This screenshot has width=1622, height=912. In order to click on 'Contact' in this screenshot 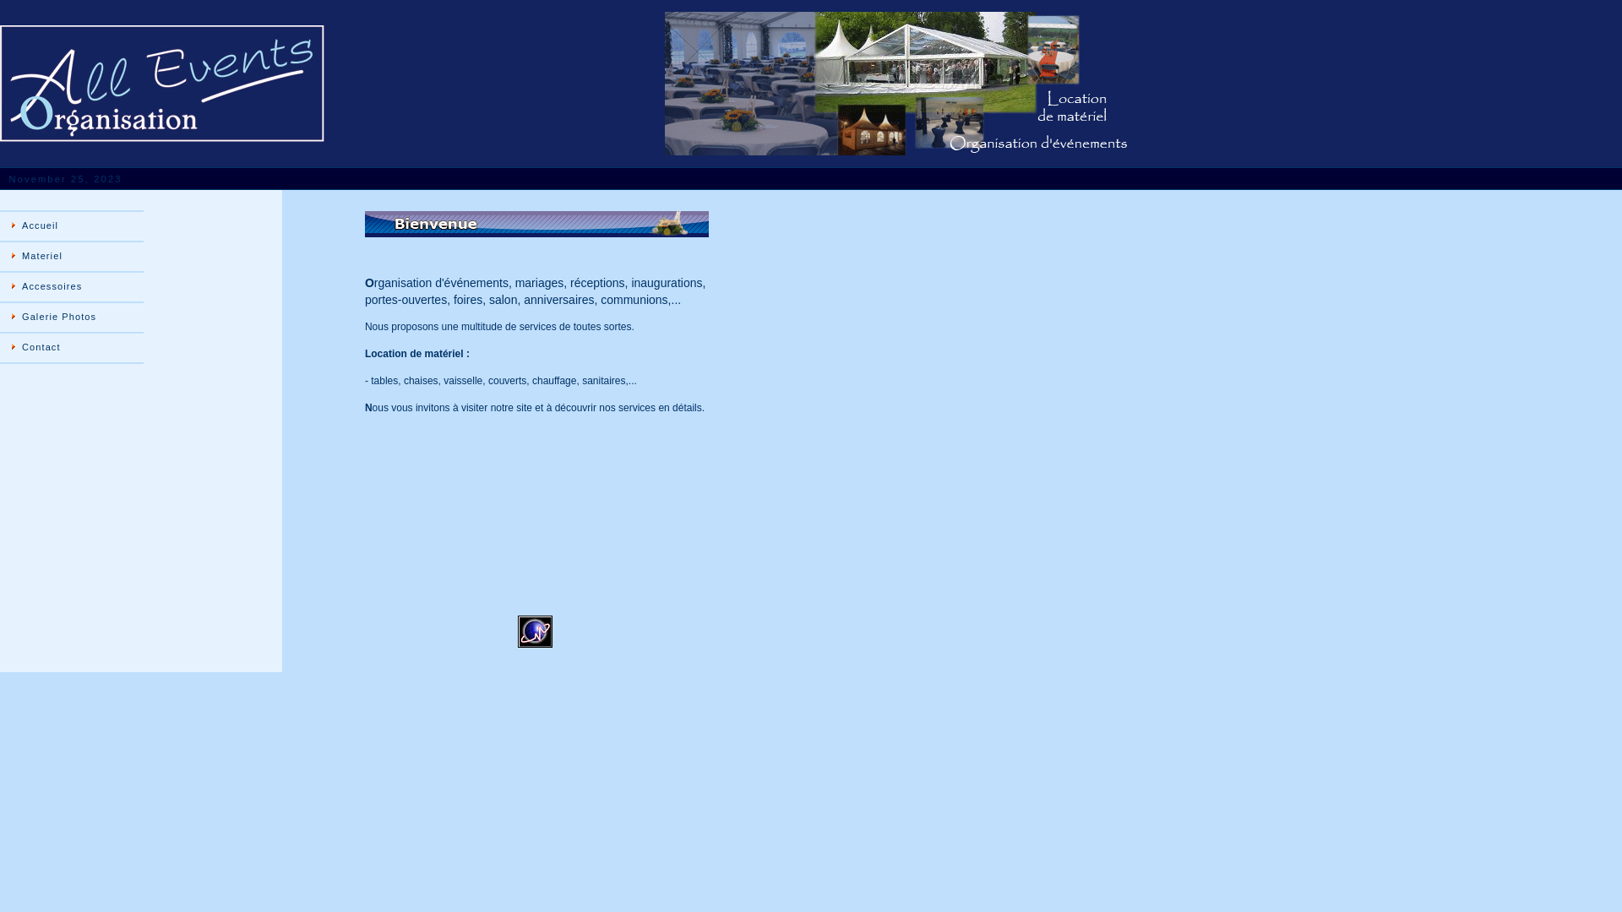, I will do `click(71, 347)`.